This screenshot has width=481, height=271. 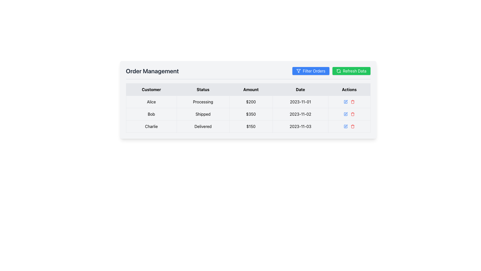 I want to click on the static text element that displays the amount value for Bob's order, located in the 'Amount' column of the table, so click(x=251, y=114).